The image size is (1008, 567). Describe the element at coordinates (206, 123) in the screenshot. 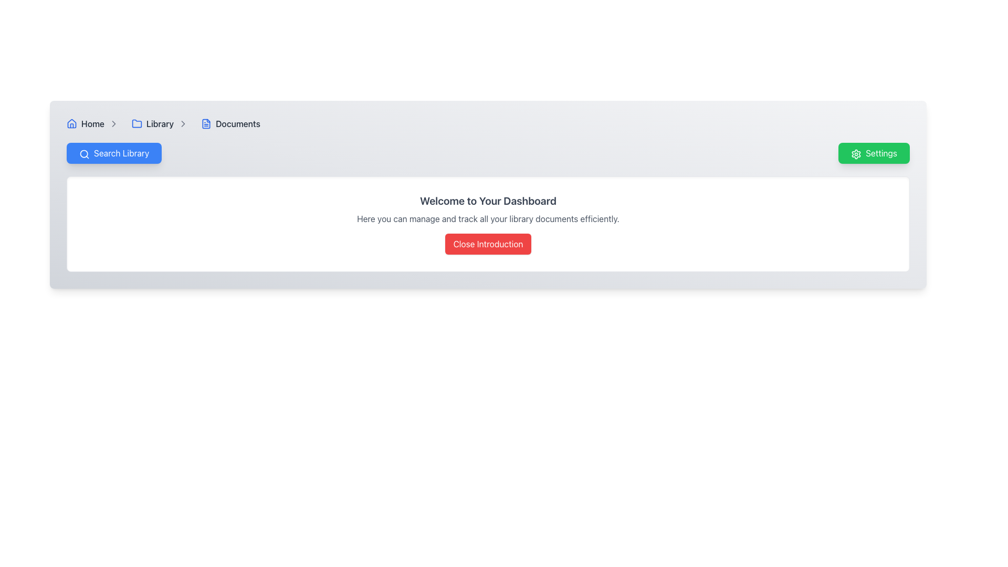

I see `the small, blue document icon located to the left of the 'Documents' text label in the breadcrumb navigation bar` at that location.